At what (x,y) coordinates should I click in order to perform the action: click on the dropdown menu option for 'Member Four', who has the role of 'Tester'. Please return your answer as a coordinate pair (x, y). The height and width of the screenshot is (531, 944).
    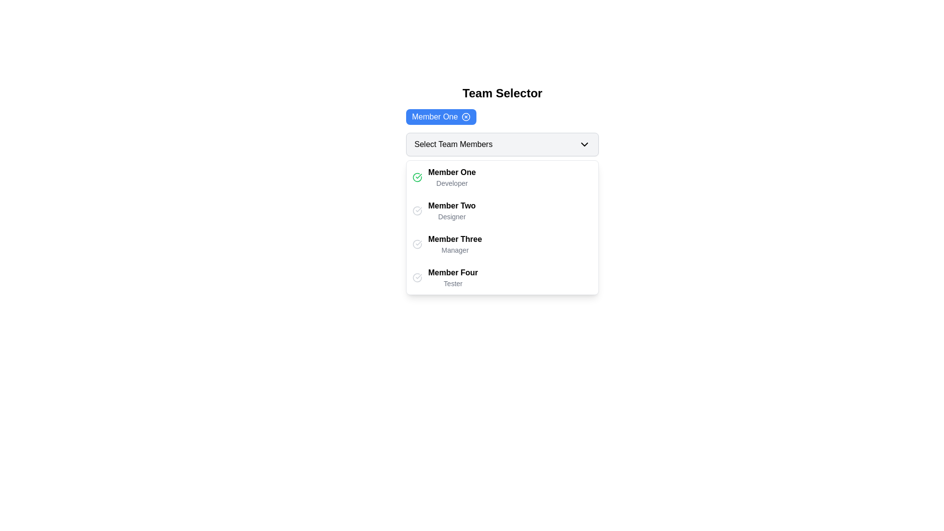
    Looking at the image, I should click on (502, 277).